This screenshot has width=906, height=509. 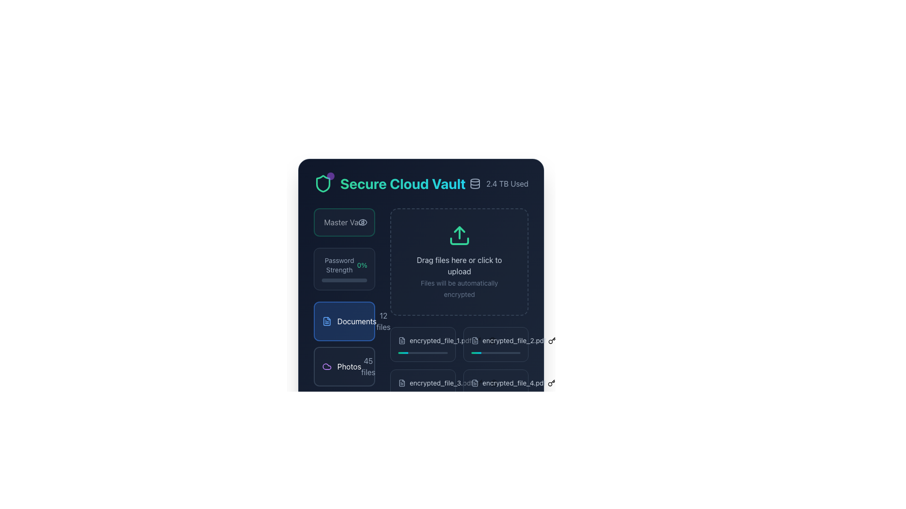 I want to click on the purple cloud-shaped icon next to the text 'photos', which is aligned with the indicator '45 files', so click(x=327, y=366).